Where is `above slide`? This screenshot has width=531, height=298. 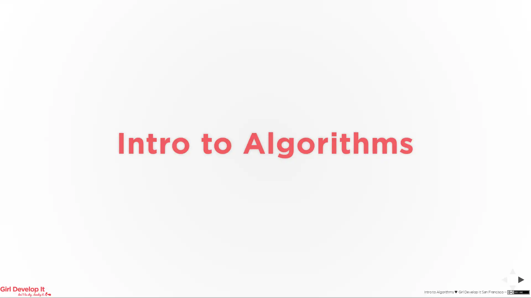 above slide is located at coordinates (512, 269).